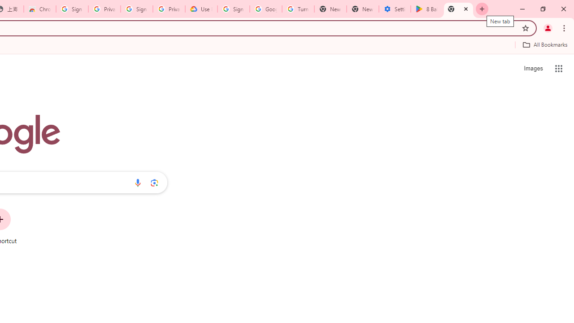 Image resolution: width=574 pixels, height=323 pixels. I want to click on 'Chrome Web Store - Color themes by Chrome', so click(39, 9).